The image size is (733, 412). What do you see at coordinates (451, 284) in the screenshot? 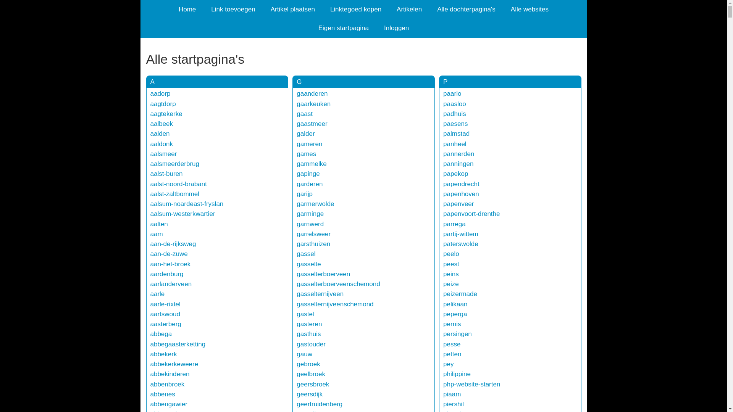
I see `'peize'` at bounding box center [451, 284].